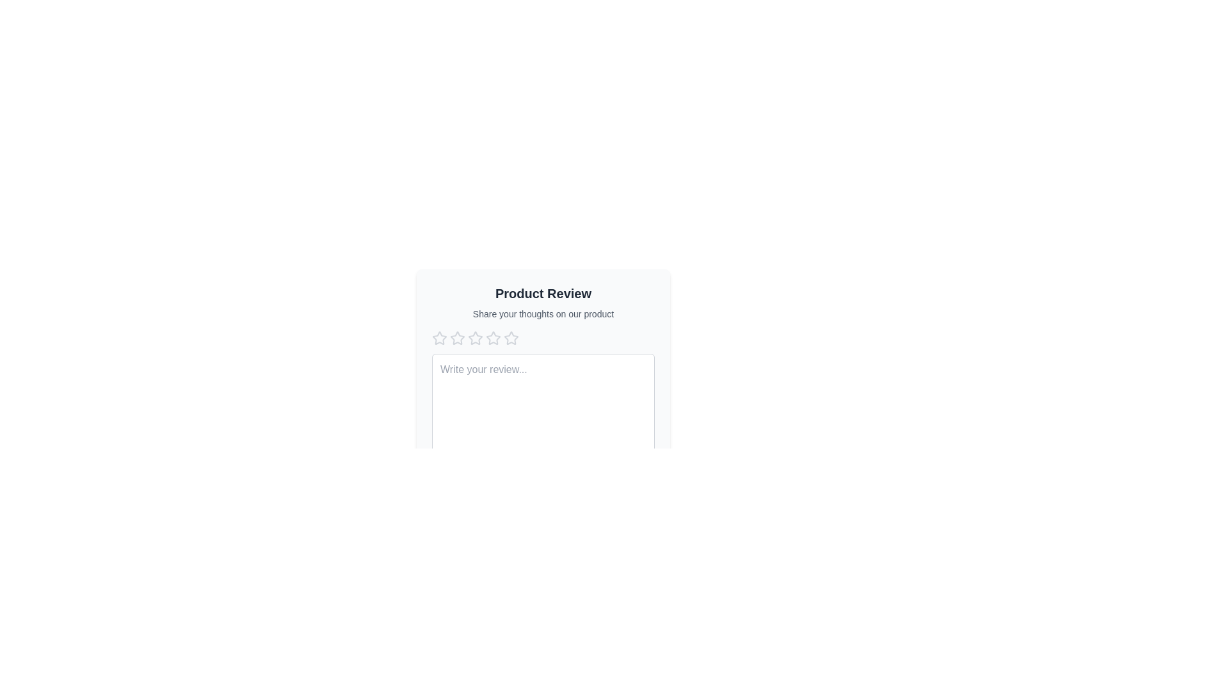 Image resolution: width=1229 pixels, height=691 pixels. I want to click on the third star in the row of five stars below the heading 'Product Review' to indicate a rating, so click(510, 337).